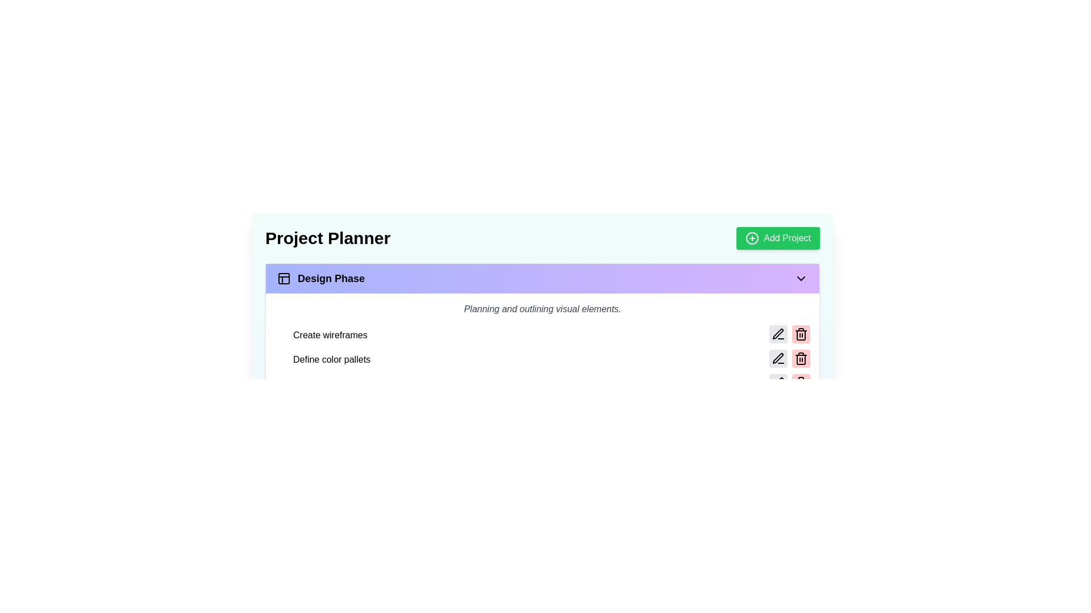 This screenshot has height=613, width=1091. Describe the element at coordinates (777, 333) in the screenshot. I see `the pen icon, which is a minimalistic vector graphic representing an editing tool, to initiate editing` at that location.